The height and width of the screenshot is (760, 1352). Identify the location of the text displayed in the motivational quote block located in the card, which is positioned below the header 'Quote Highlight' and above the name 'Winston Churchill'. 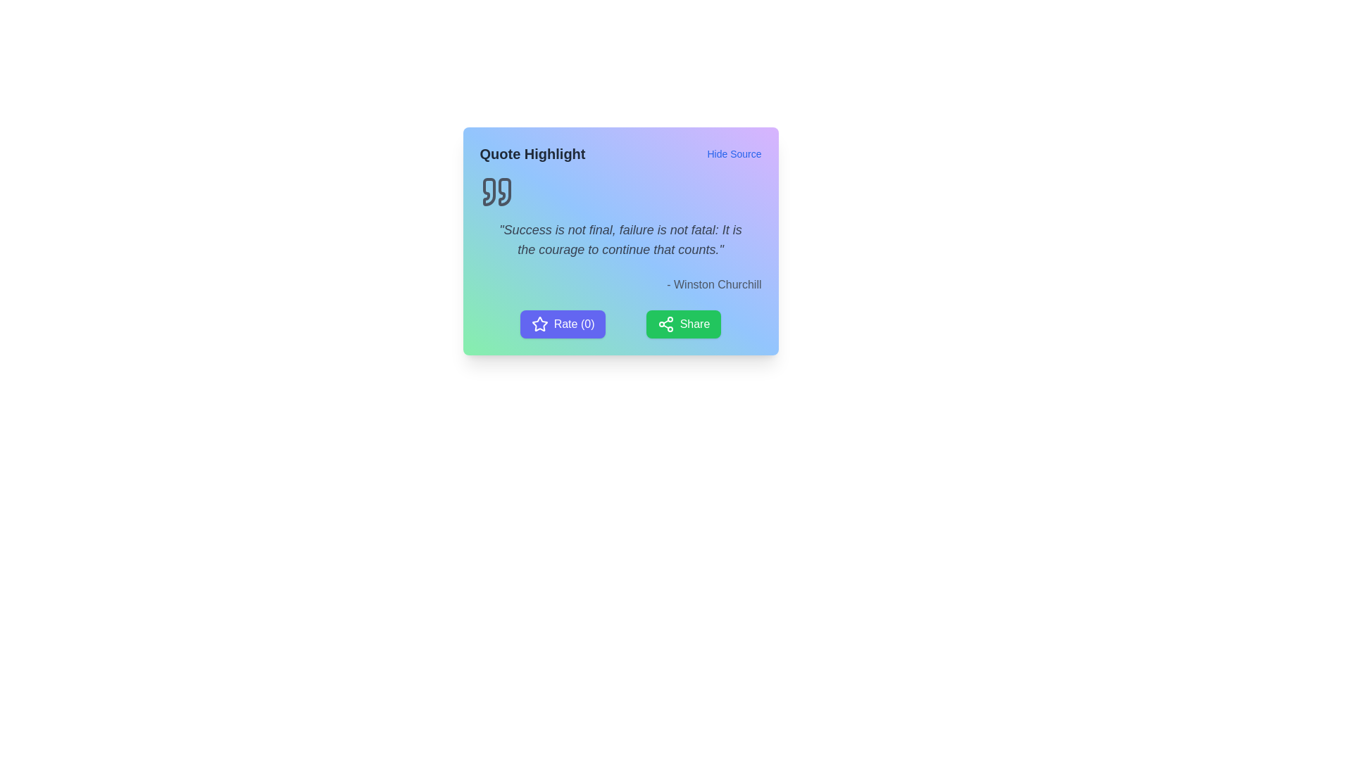
(620, 233).